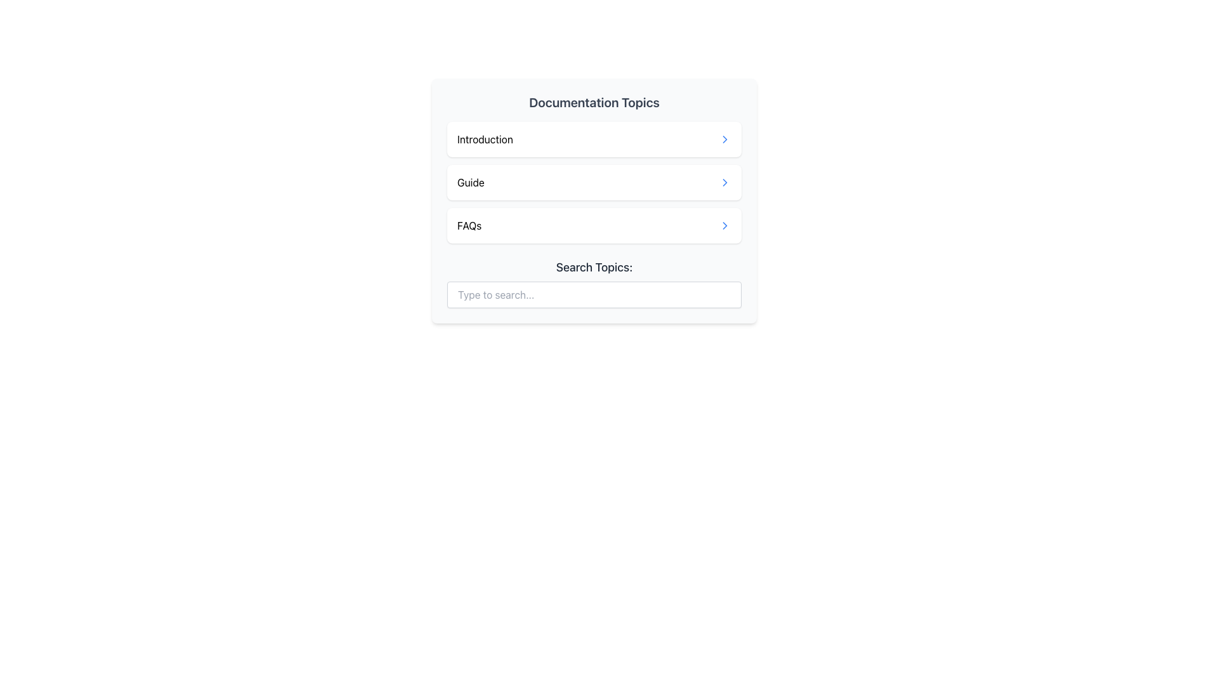 The image size is (1218, 685). I want to click on the rightward-pointing blue chevron icon located to the right of the 'Guide' title in the Documentation Topics list, so click(724, 183).